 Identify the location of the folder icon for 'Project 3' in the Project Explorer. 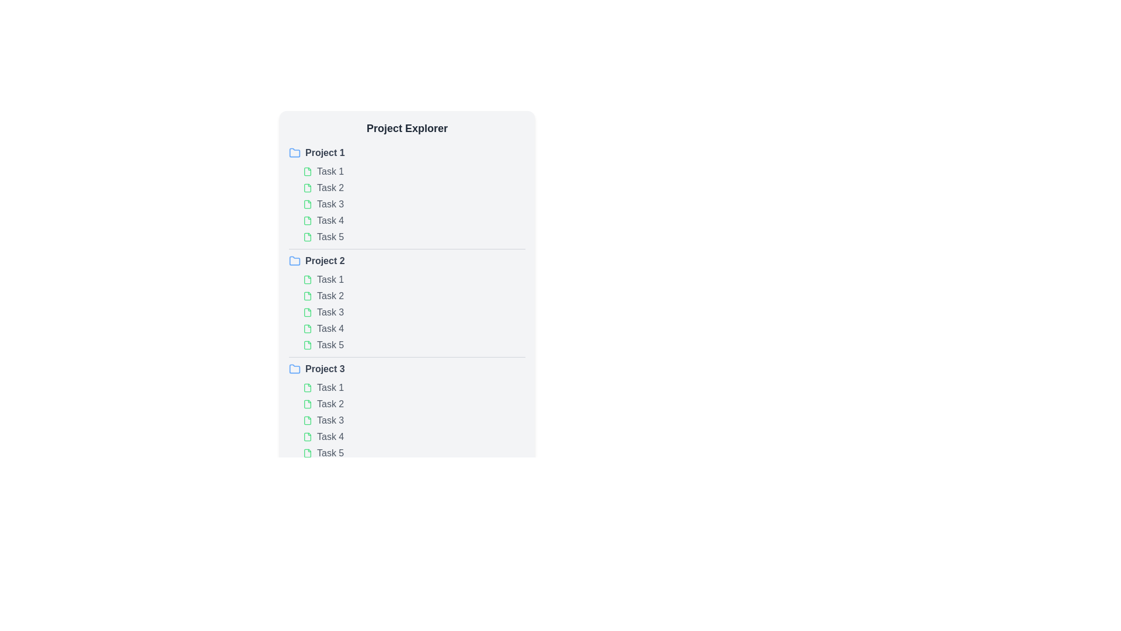
(294, 369).